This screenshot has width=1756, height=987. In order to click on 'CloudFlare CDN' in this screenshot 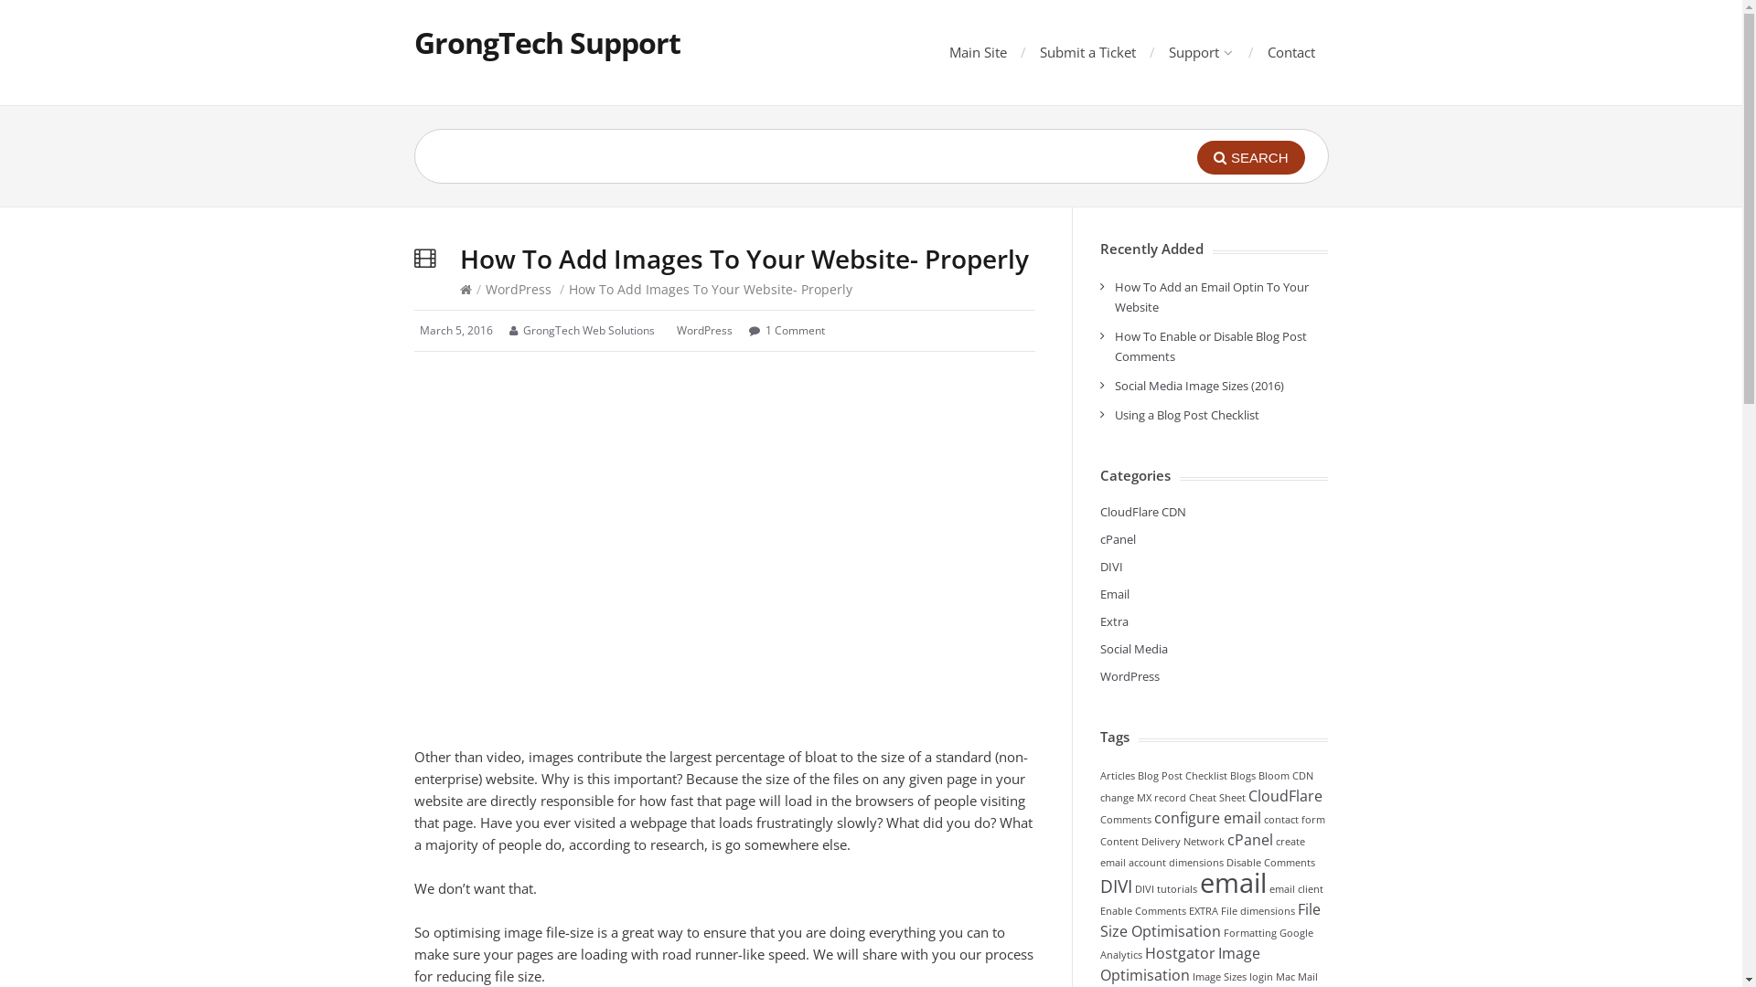, I will do `click(1140, 511)`.